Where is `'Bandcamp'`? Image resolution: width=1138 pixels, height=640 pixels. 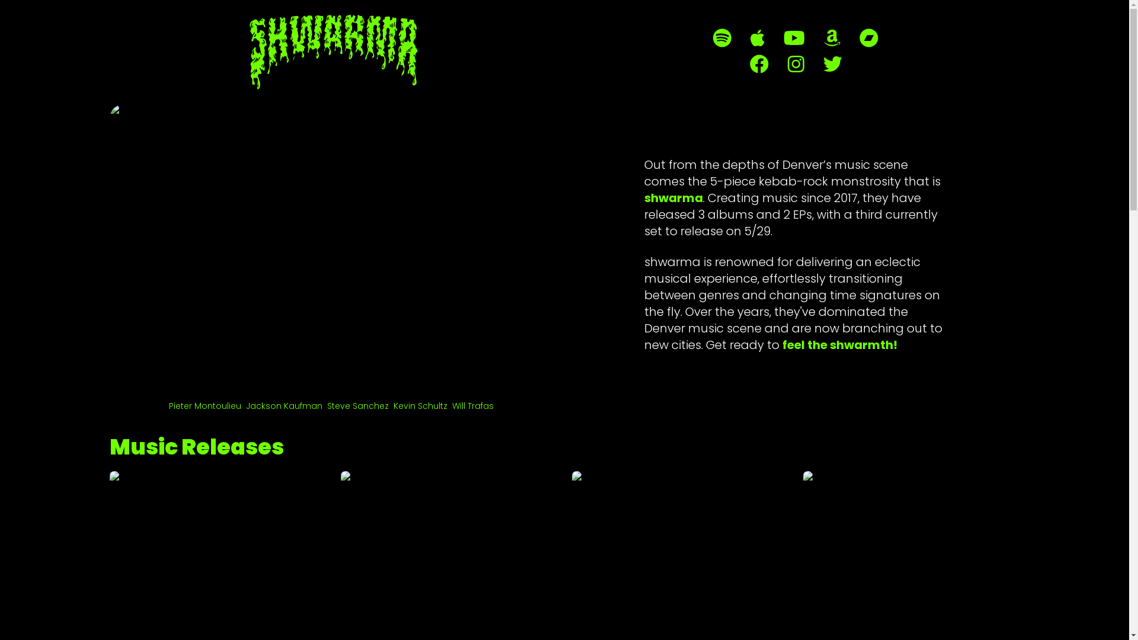 'Bandcamp' is located at coordinates (868, 37).